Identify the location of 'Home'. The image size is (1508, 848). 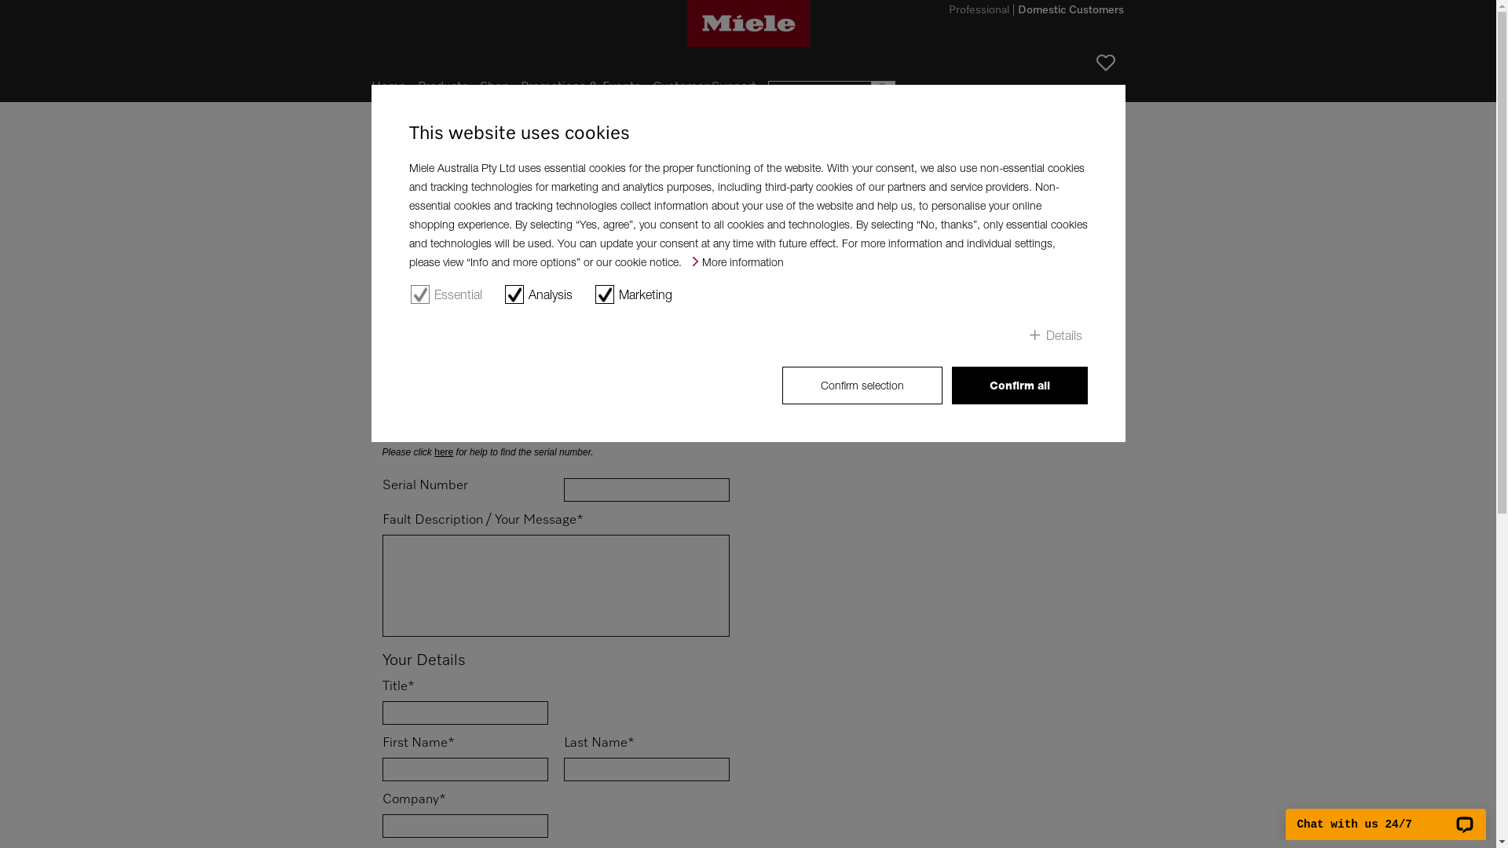
(388, 87).